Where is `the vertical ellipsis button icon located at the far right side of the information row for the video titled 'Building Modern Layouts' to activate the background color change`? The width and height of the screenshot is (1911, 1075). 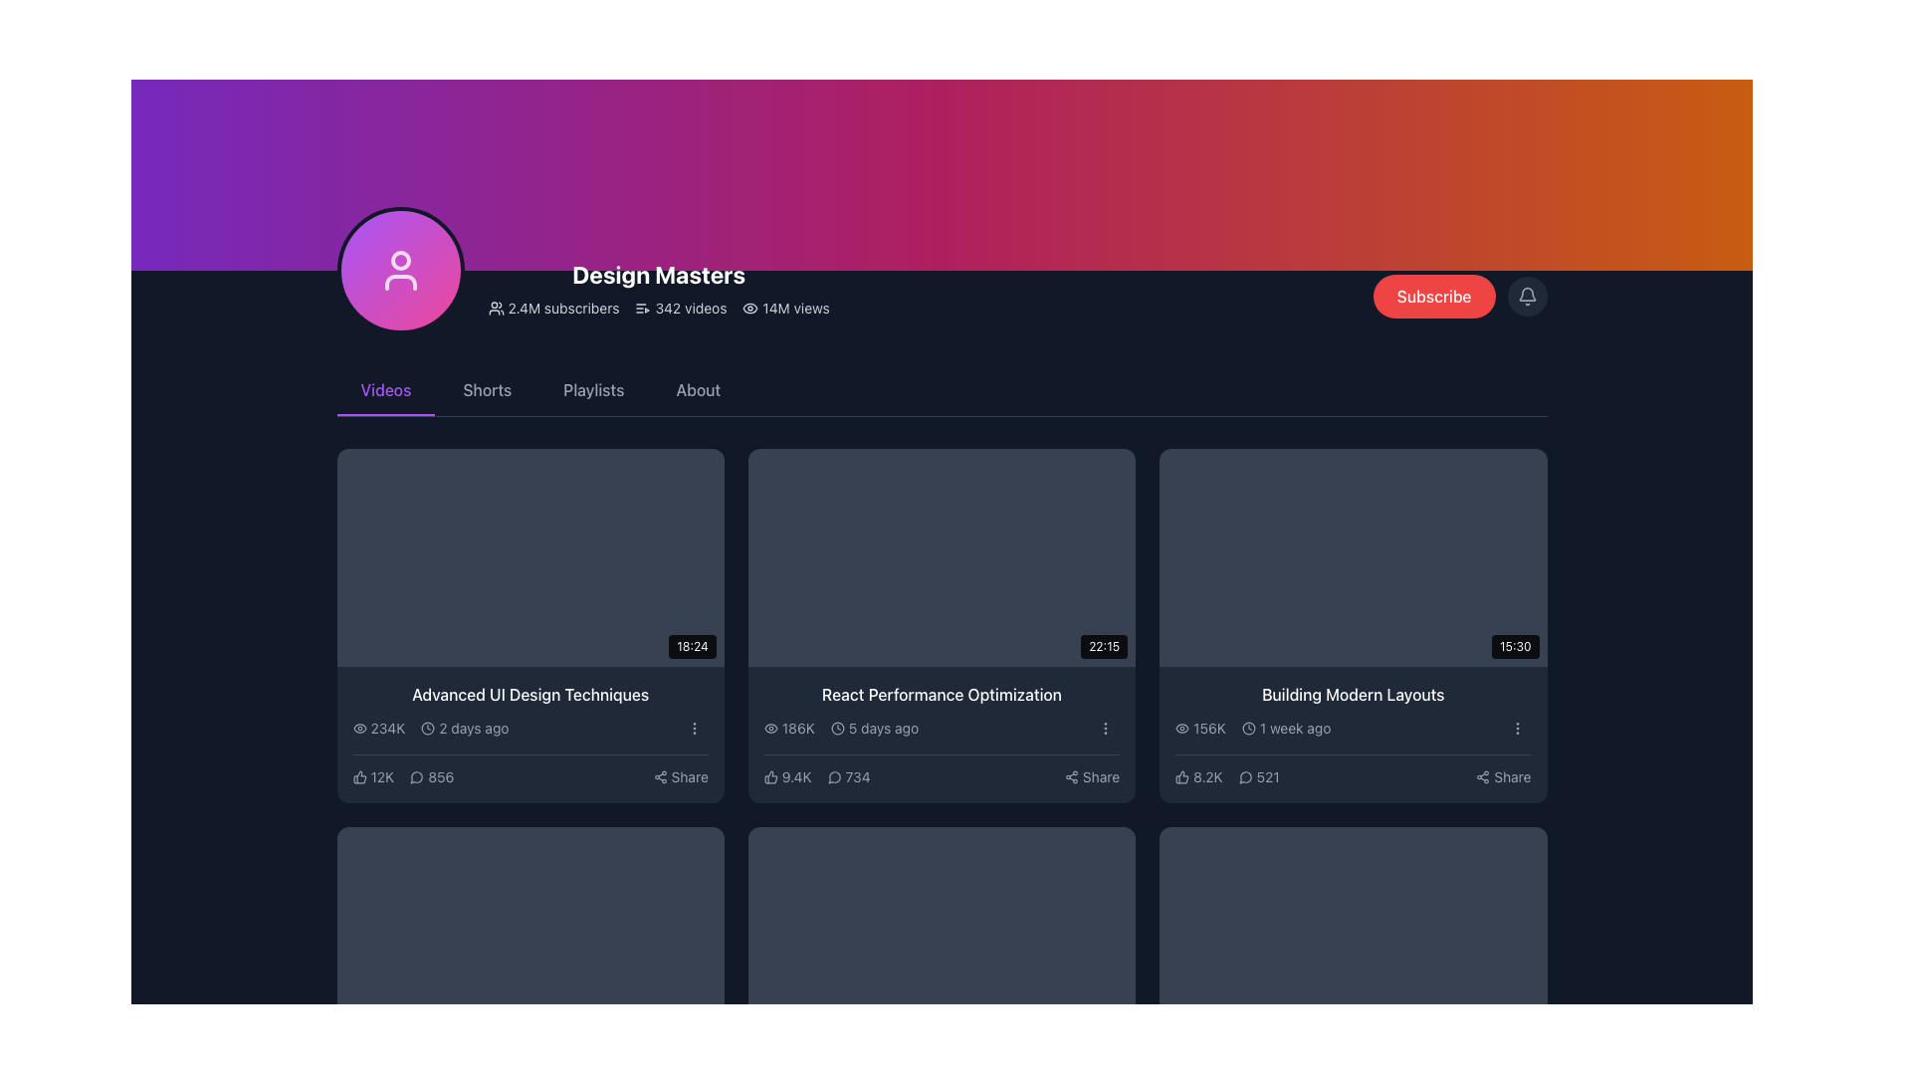
the vertical ellipsis button icon located at the far right side of the information row for the video titled 'Building Modern Layouts' to activate the background color change is located at coordinates (1516, 729).